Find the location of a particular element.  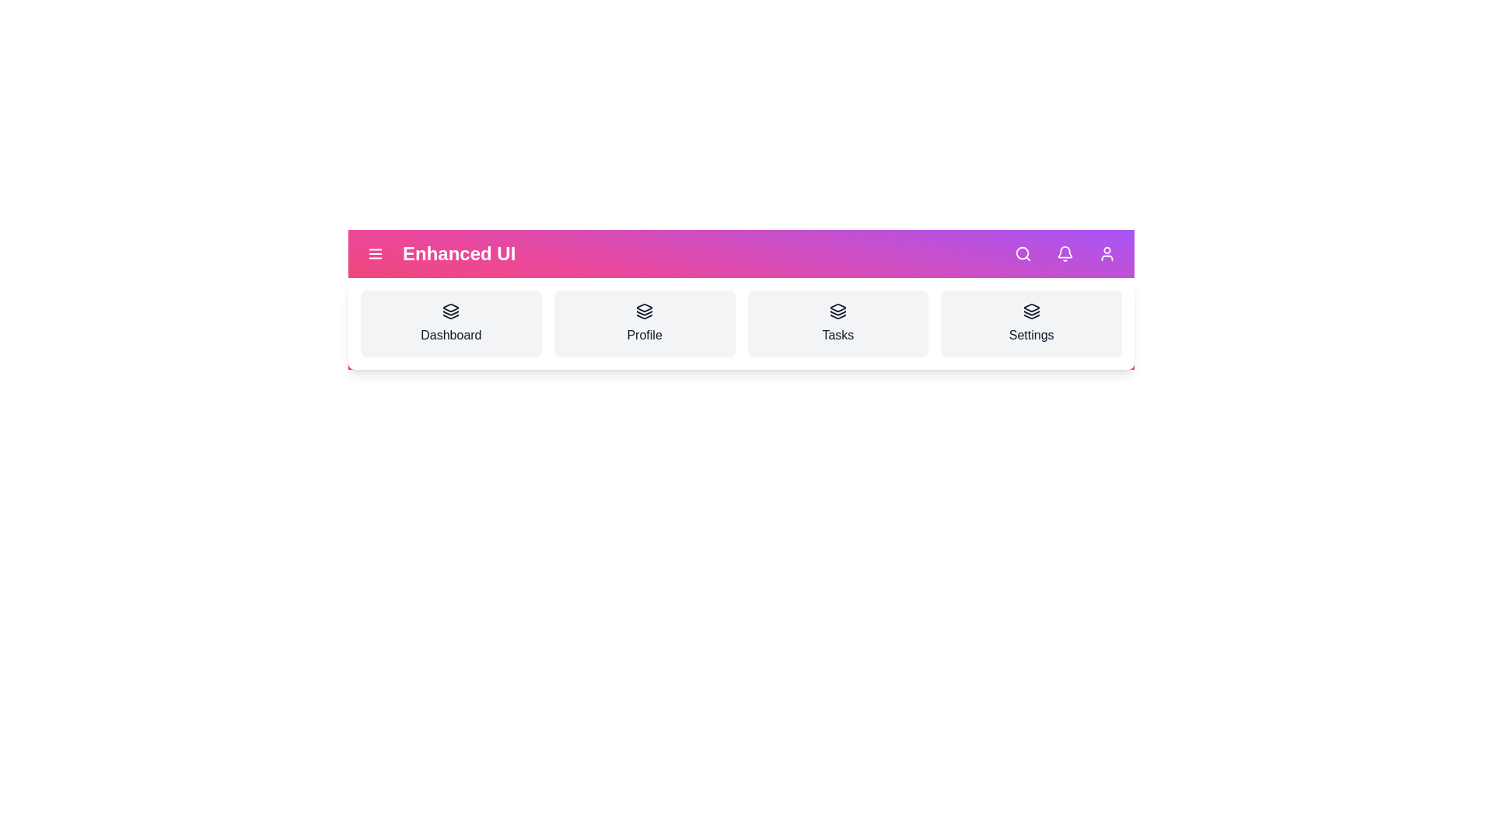

the Profile link in the navigation bar is located at coordinates (645, 322).